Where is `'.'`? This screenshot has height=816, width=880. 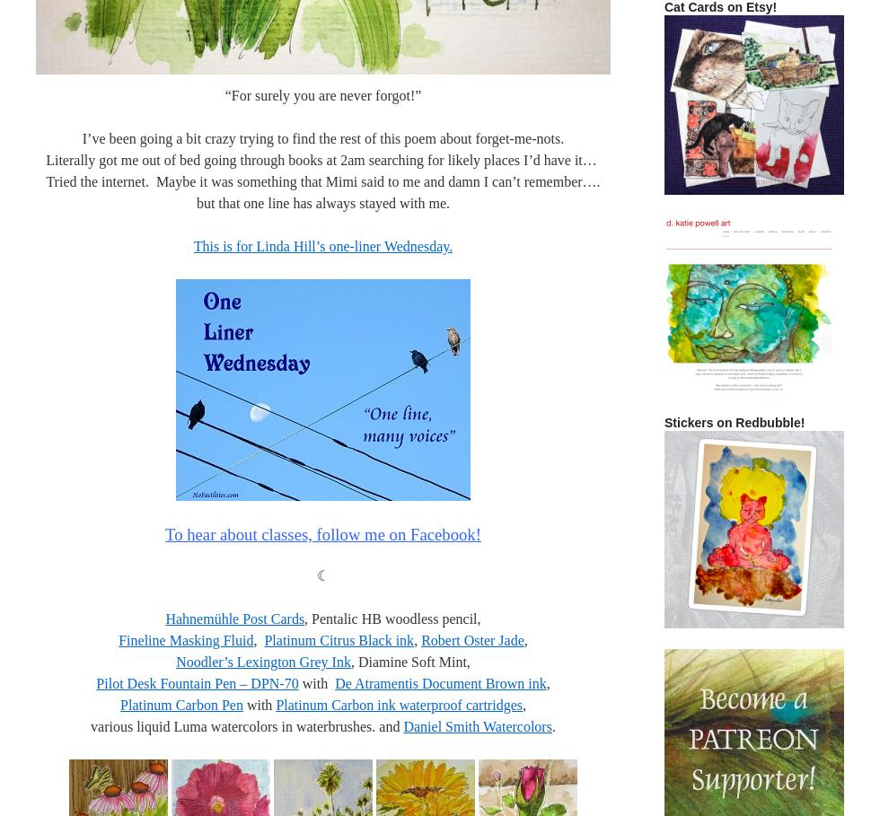 '.' is located at coordinates (553, 726).